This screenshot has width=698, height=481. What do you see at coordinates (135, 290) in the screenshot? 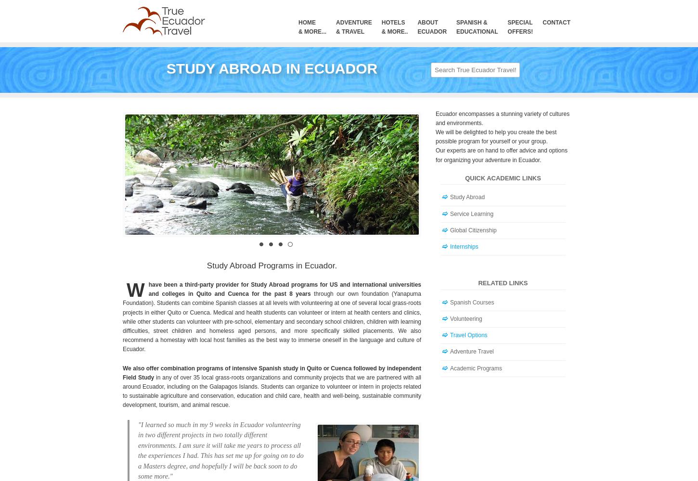
I see `'W'` at bounding box center [135, 290].